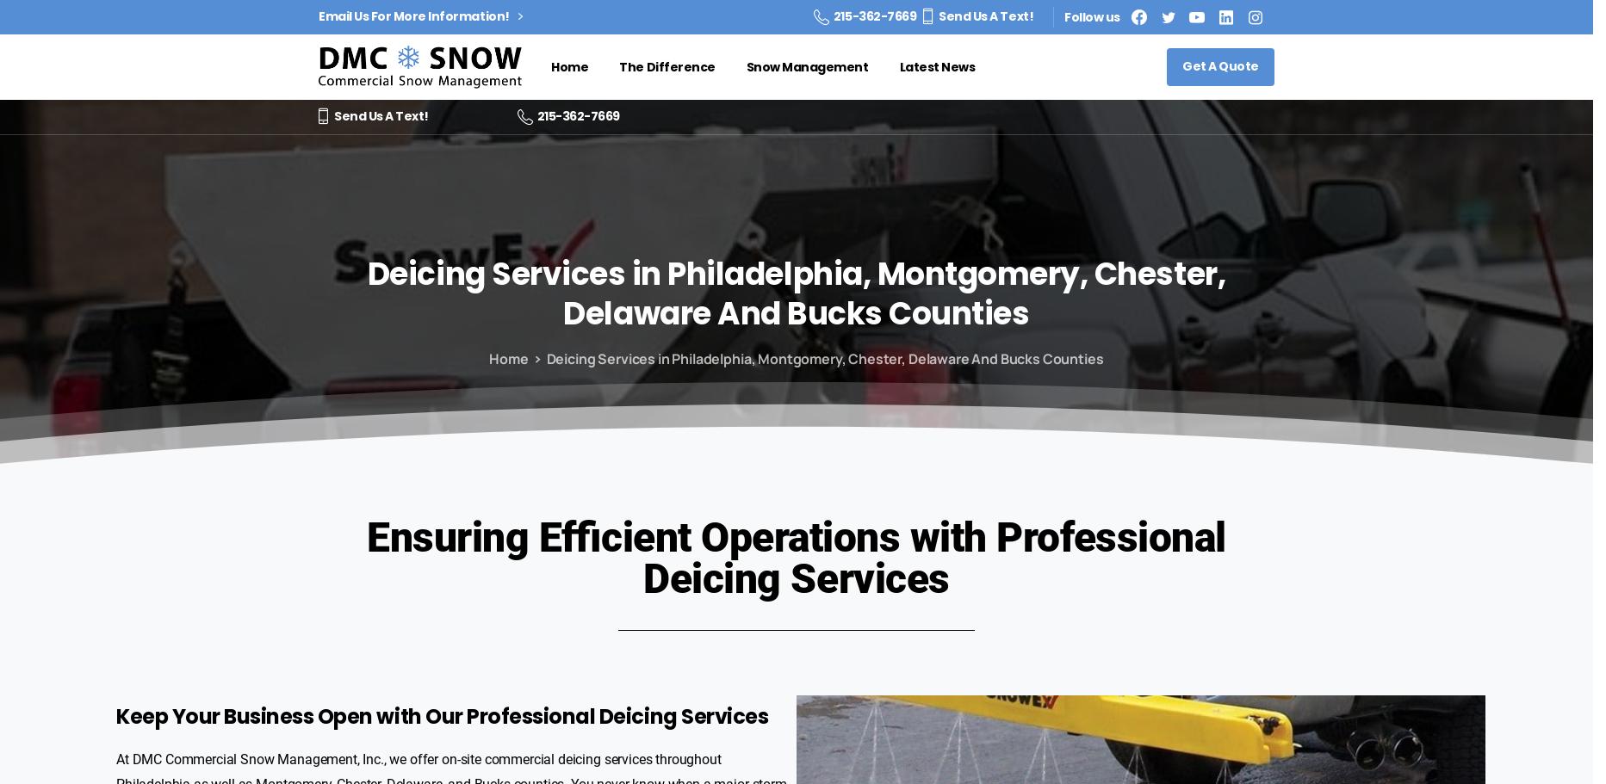  What do you see at coordinates (115, 715) in the screenshot?
I see `'Keep Your Business Open with Our Professional Deicing Services'` at bounding box center [115, 715].